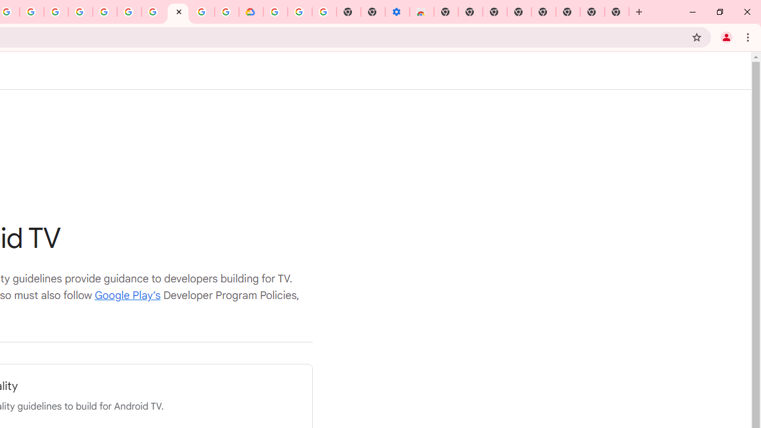 Image resolution: width=761 pixels, height=428 pixels. I want to click on 'Create your Google Account', so click(32, 12).